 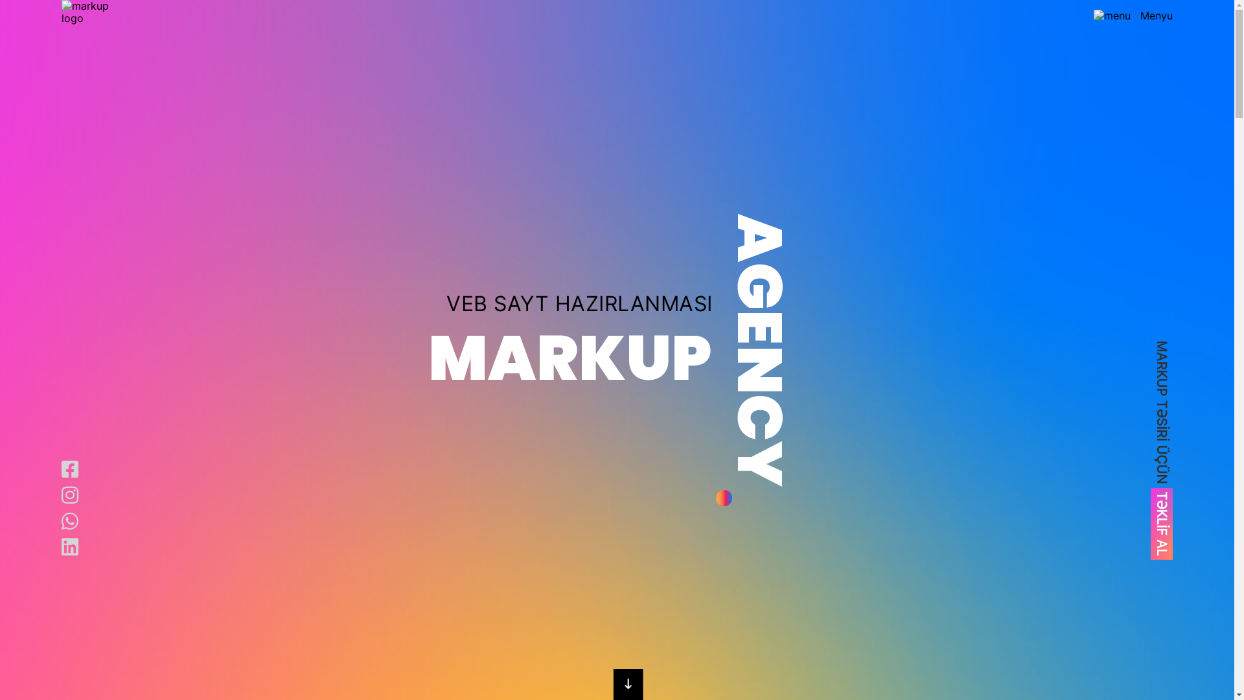 What do you see at coordinates (1132, 16) in the screenshot?
I see `'Menyu'` at bounding box center [1132, 16].